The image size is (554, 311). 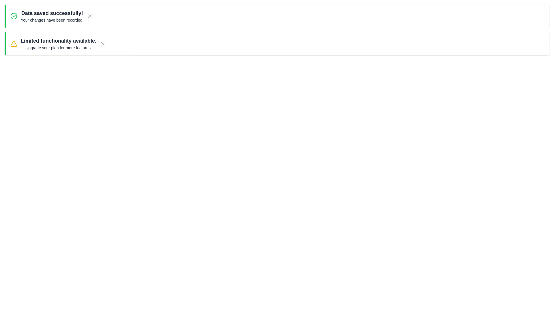 I want to click on the close button of the notification to dismiss it, so click(x=89, y=16).